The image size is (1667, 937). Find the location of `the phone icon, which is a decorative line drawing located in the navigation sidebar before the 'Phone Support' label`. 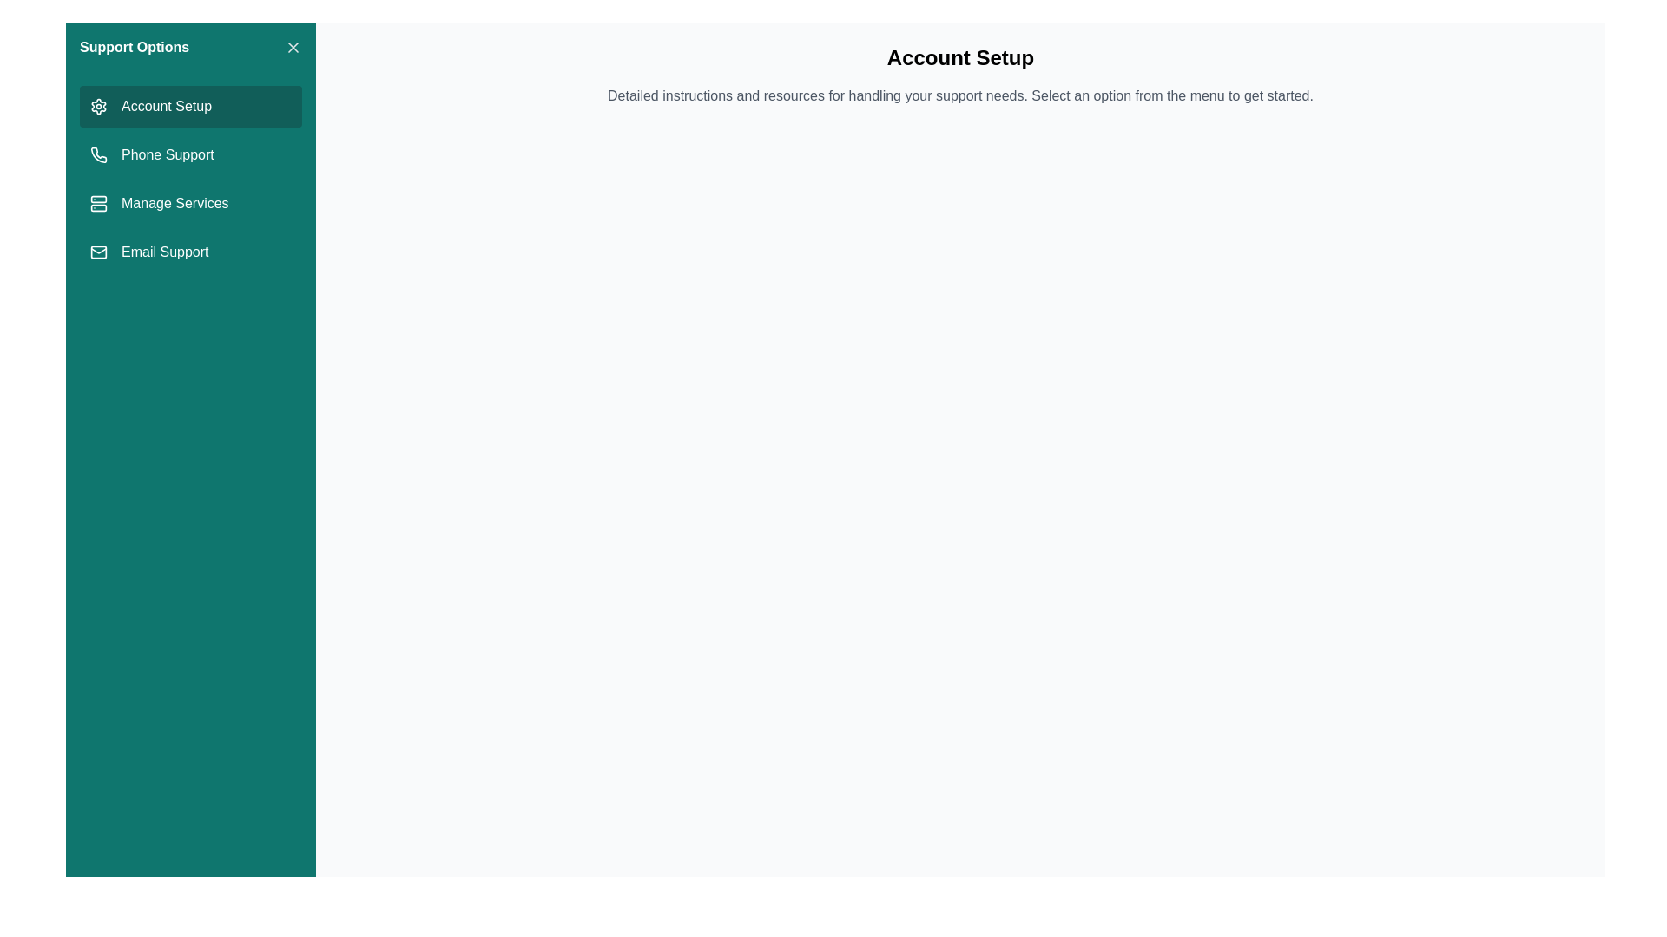

the phone icon, which is a decorative line drawing located in the navigation sidebar before the 'Phone Support' label is located at coordinates (98, 154).